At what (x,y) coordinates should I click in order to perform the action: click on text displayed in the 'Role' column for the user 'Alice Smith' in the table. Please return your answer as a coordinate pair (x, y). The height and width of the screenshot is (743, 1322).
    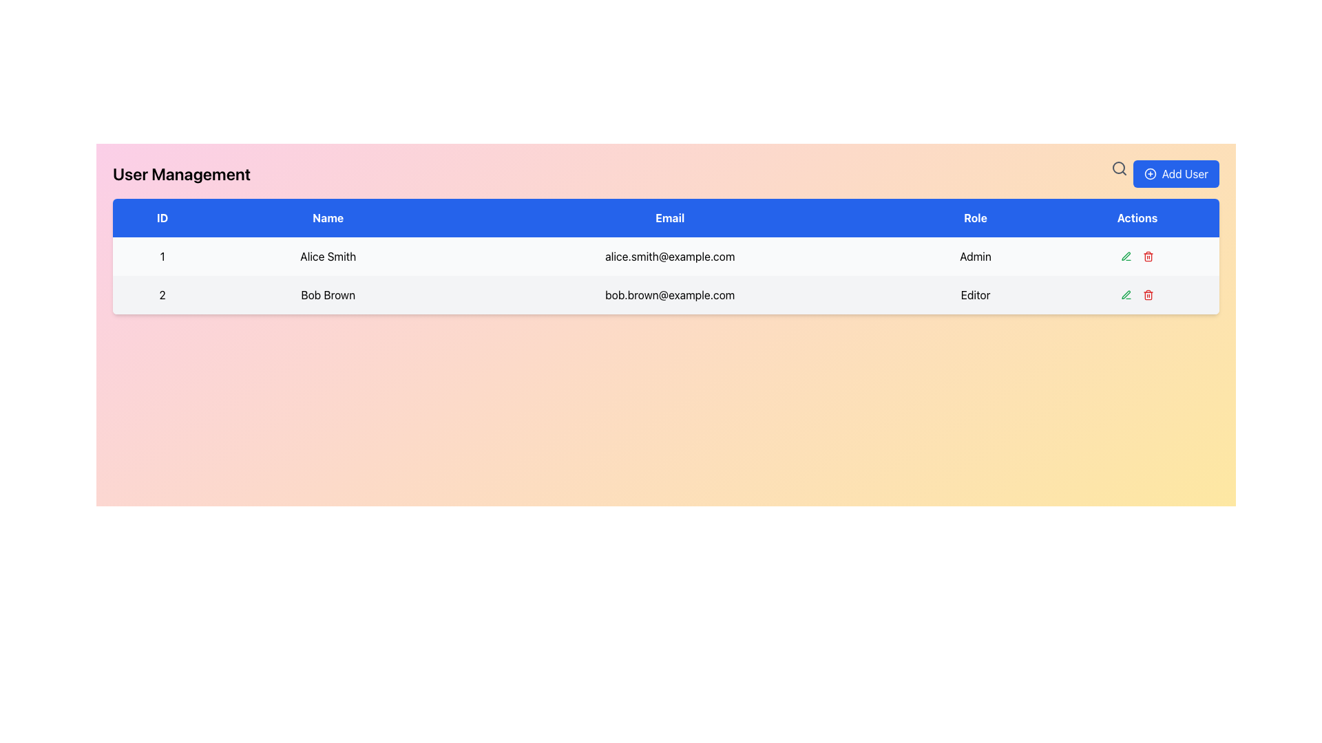
    Looking at the image, I should click on (974, 257).